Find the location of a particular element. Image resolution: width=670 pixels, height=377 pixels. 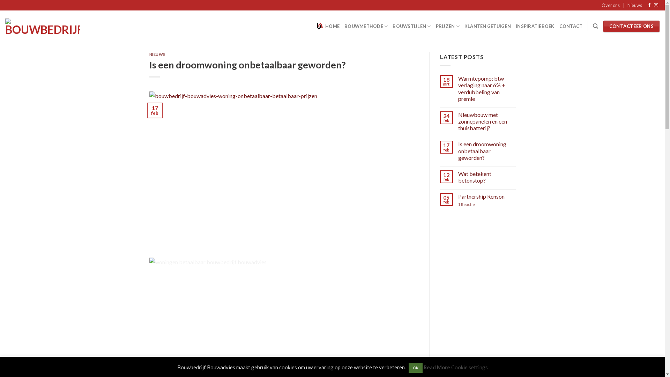

'PRIJZEN' is located at coordinates (447, 25).